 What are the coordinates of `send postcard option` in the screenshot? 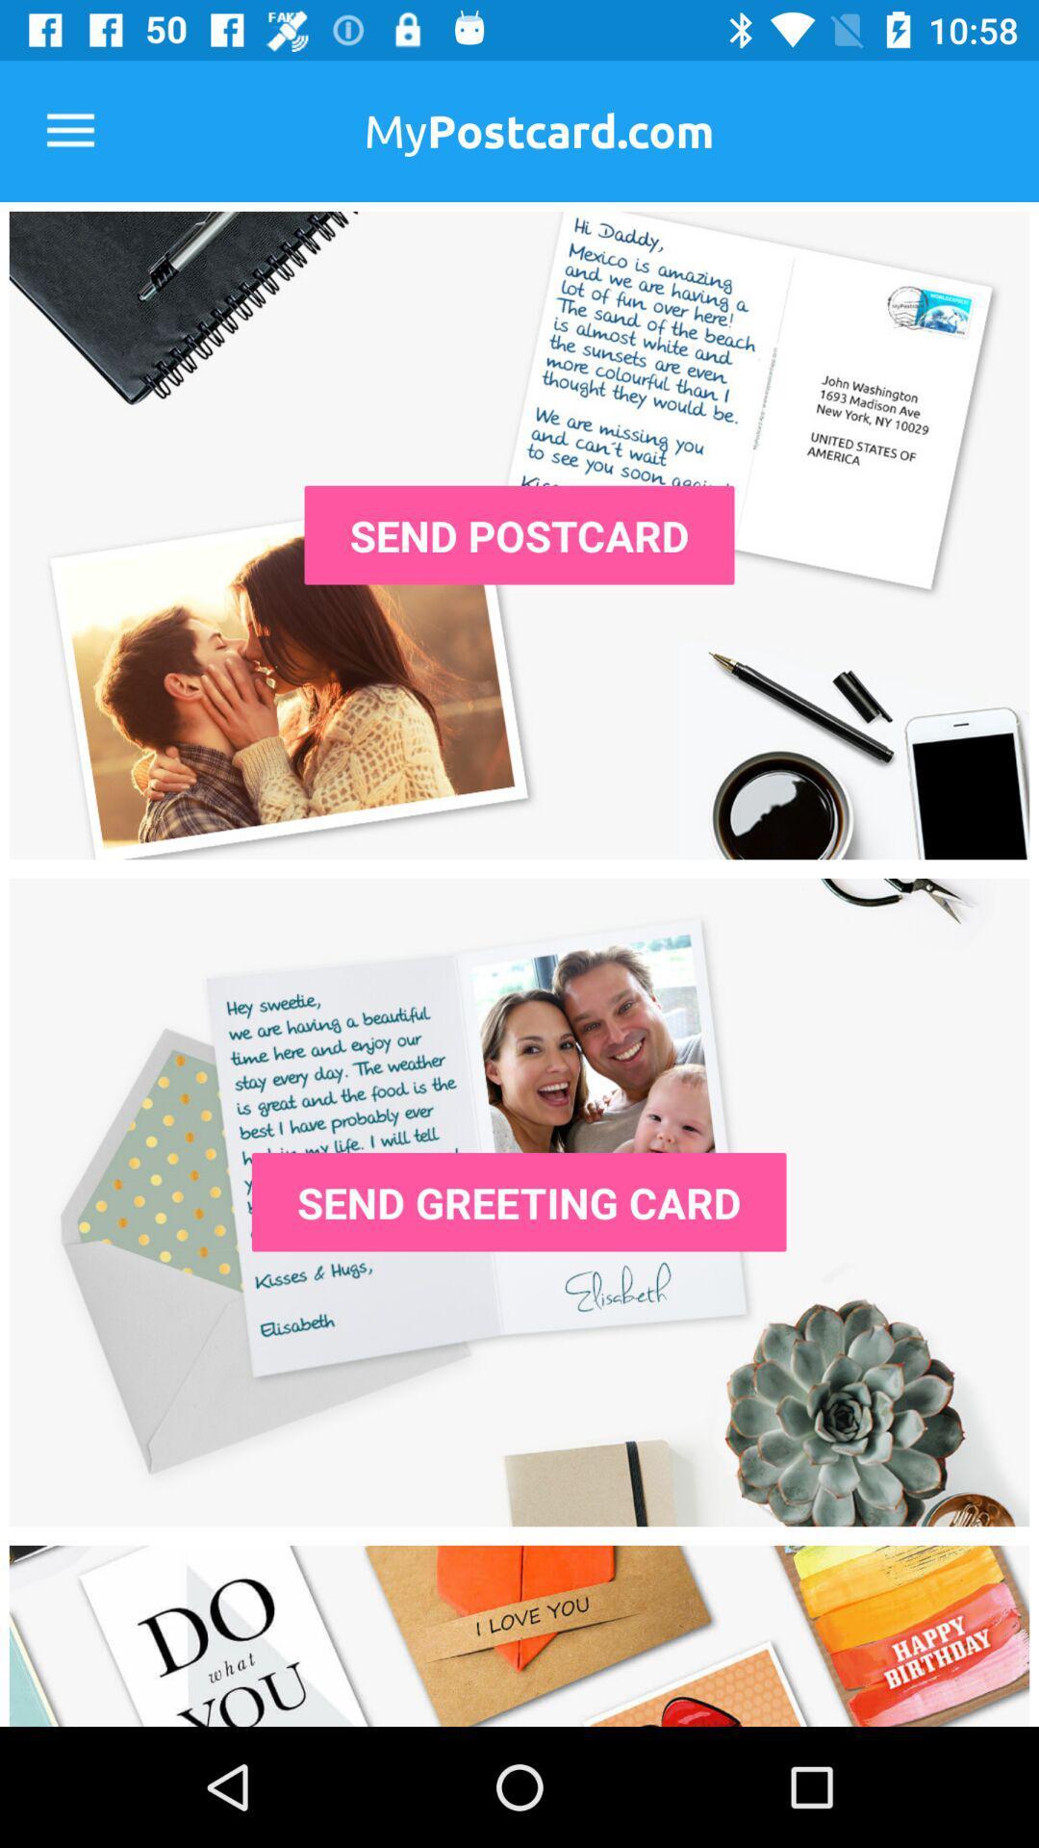 It's located at (519, 535).